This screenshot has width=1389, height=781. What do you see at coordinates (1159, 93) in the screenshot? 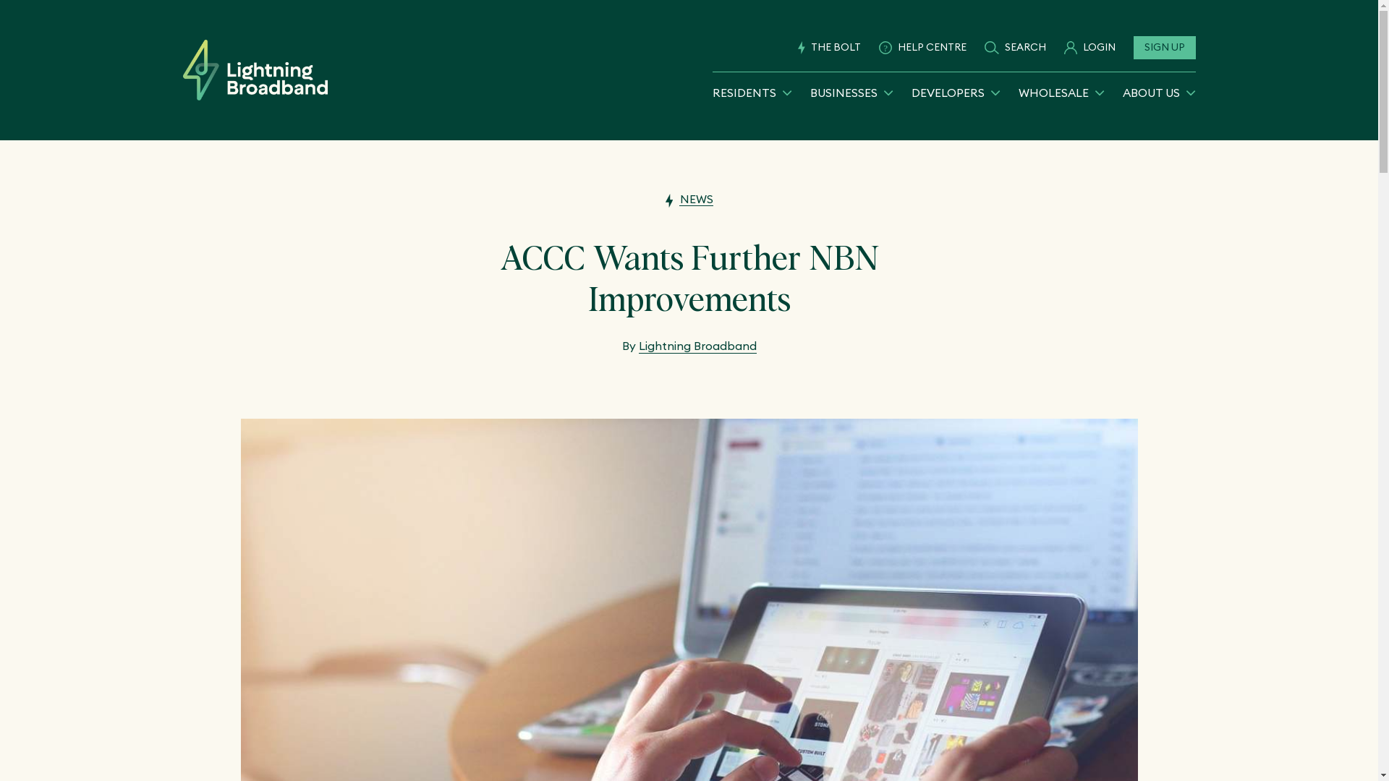
I see `'ABOUT US'` at bounding box center [1159, 93].